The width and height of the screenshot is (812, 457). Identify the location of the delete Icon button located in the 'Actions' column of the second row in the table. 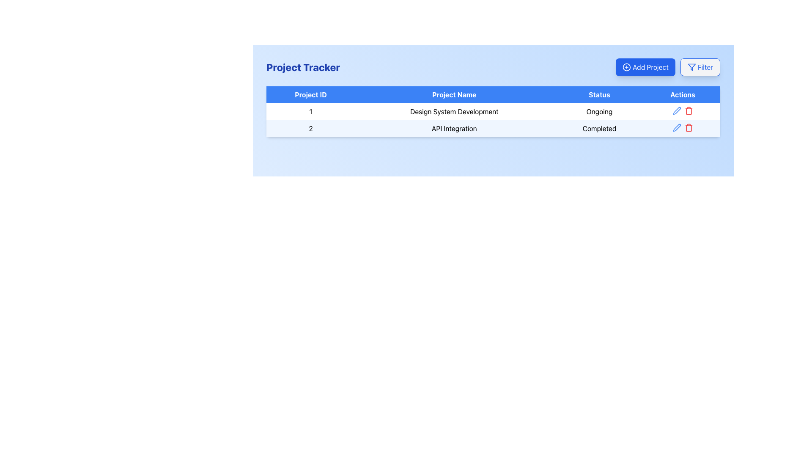
(689, 127).